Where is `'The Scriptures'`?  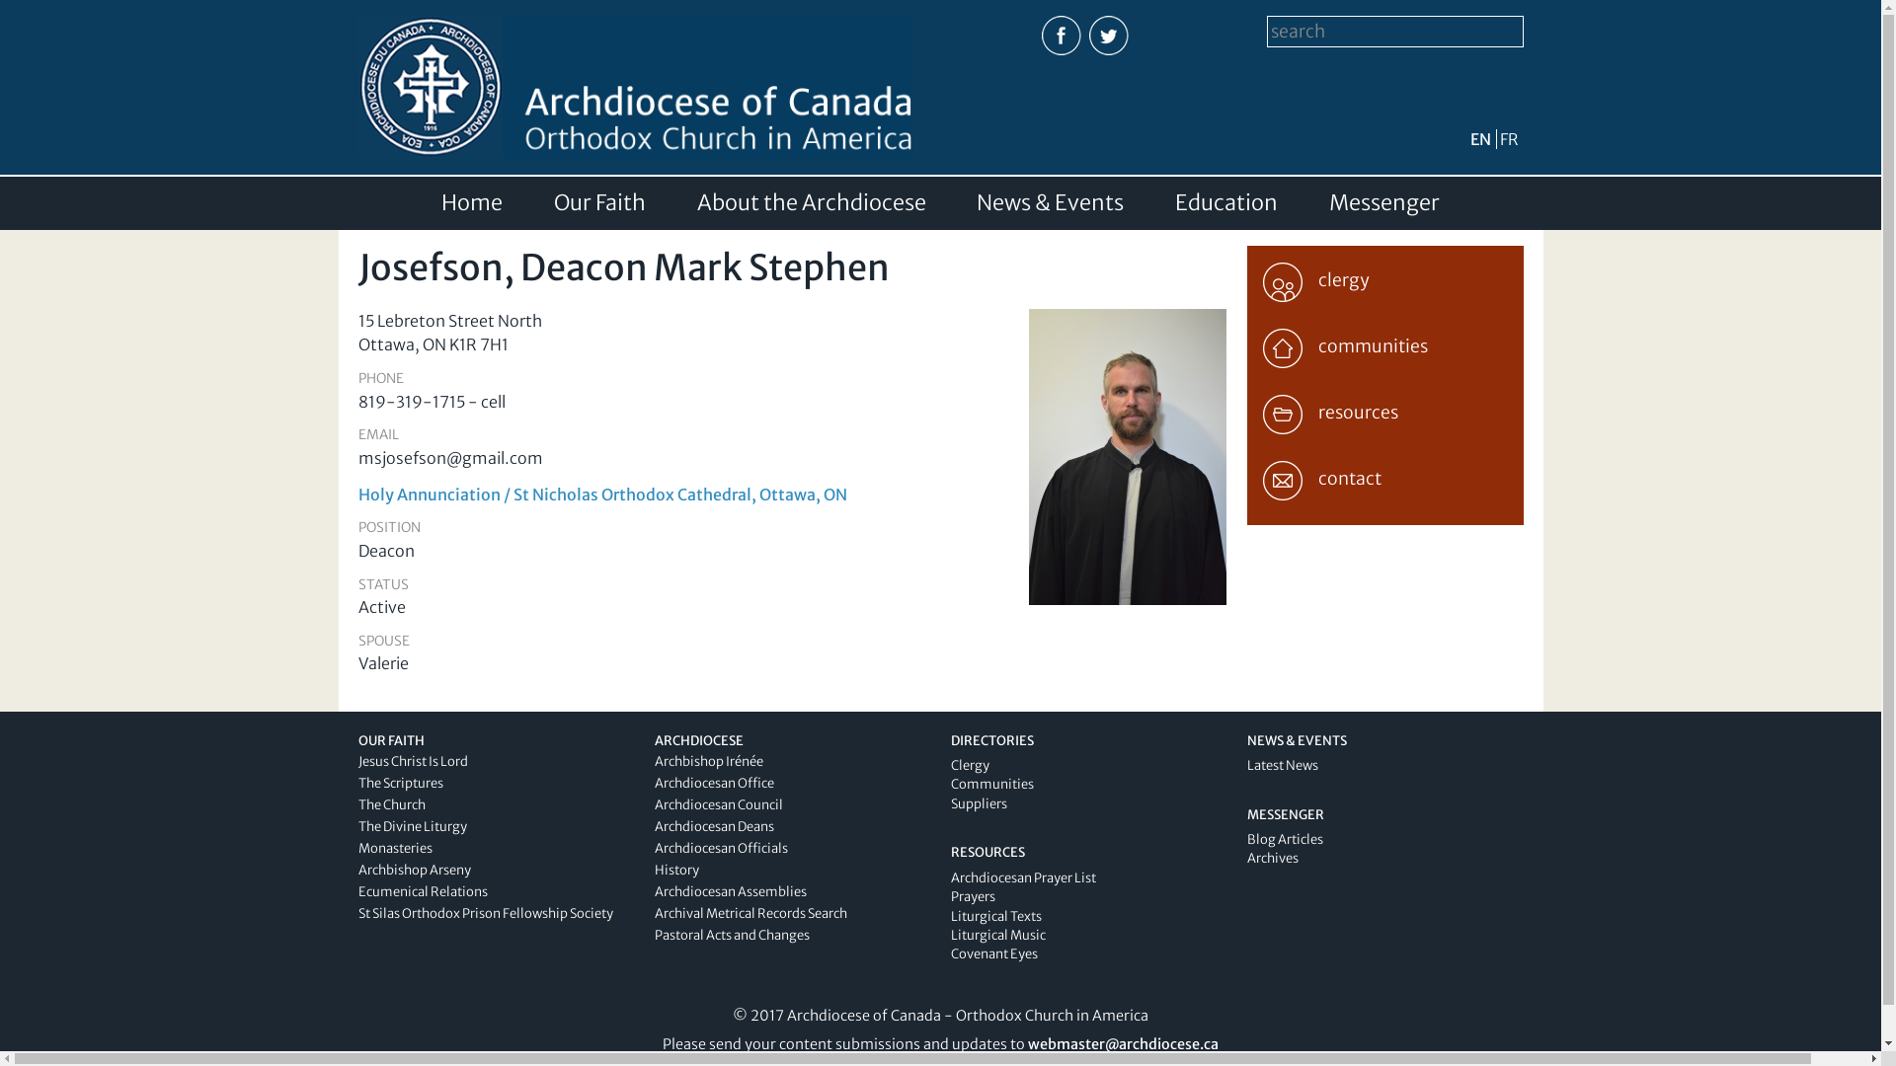
'The Scriptures' is located at coordinates (398, 782).